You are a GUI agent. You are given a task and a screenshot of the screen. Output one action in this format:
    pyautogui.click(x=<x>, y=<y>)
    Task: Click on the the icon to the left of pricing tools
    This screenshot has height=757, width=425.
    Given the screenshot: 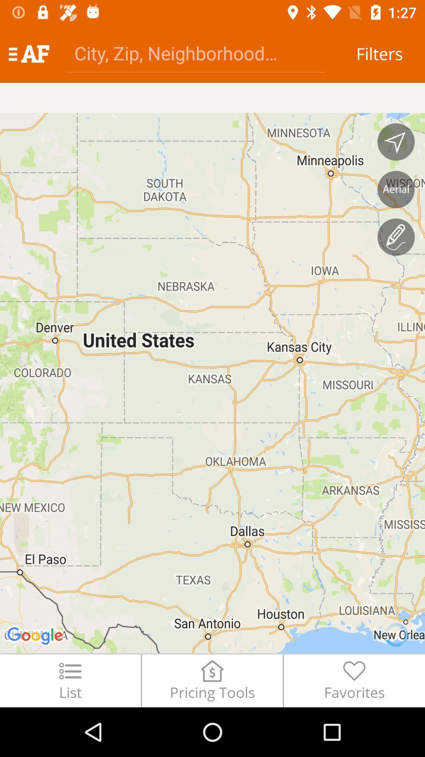 What is the action you would take?
    pyautogui.click(x=70, y=680)
    